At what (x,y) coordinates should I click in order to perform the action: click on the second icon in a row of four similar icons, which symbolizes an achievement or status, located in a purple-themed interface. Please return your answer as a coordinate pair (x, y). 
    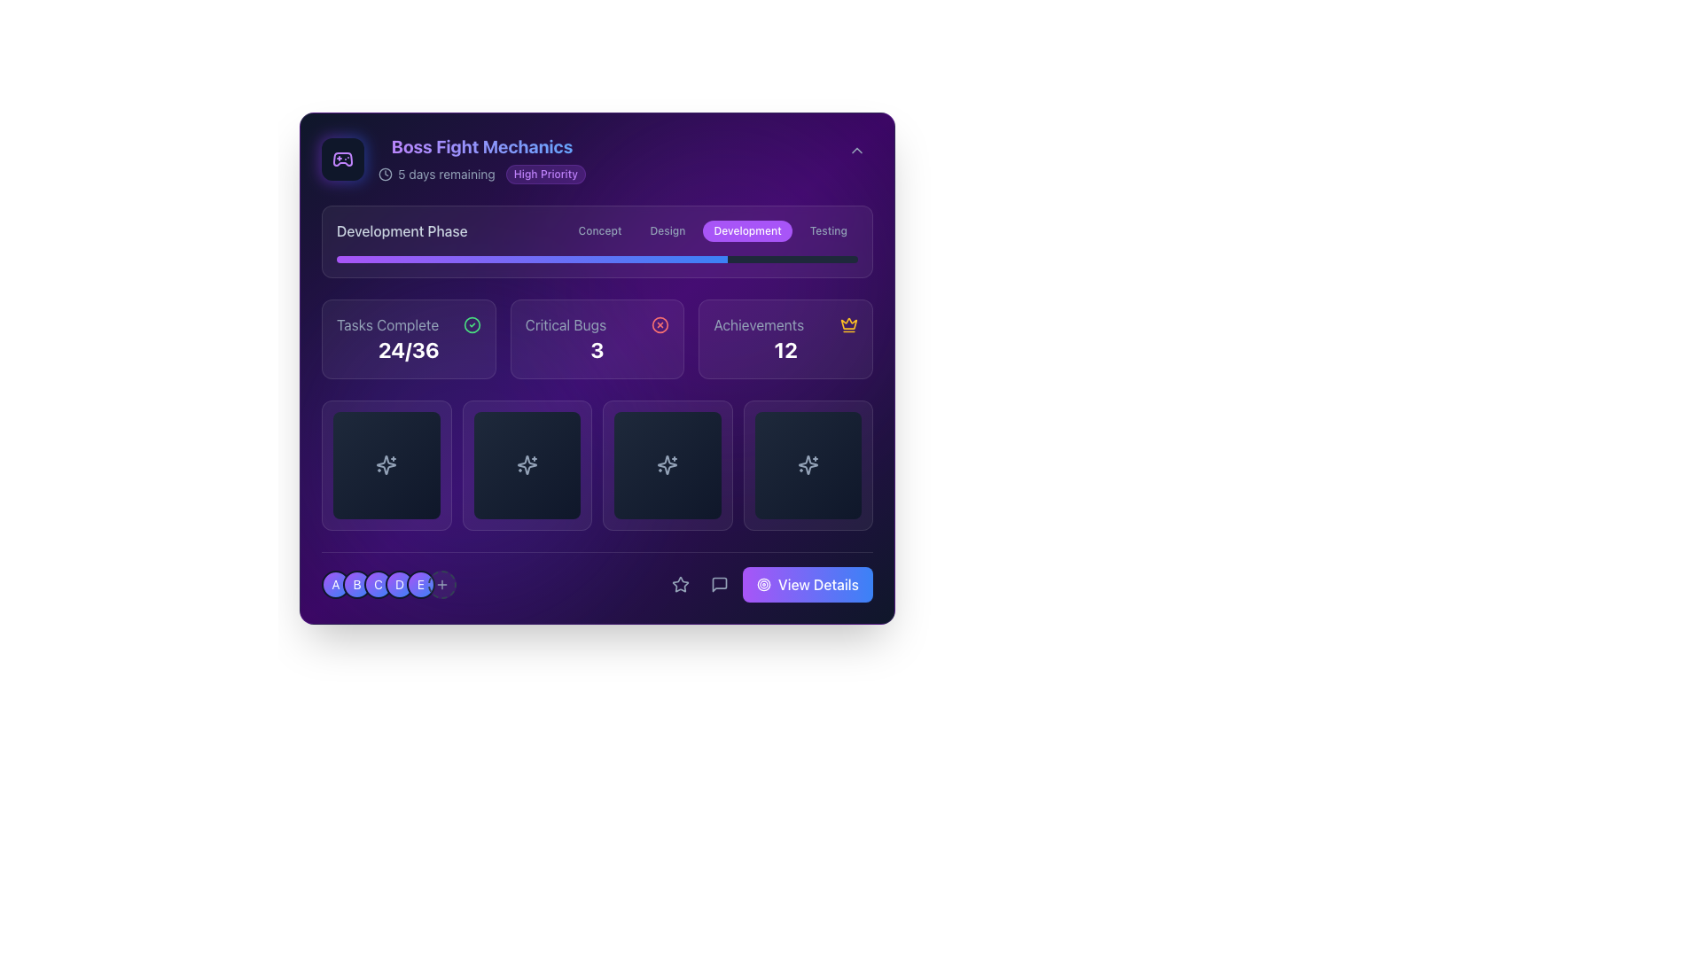
    Looking at the image, I should click on (526, 464).